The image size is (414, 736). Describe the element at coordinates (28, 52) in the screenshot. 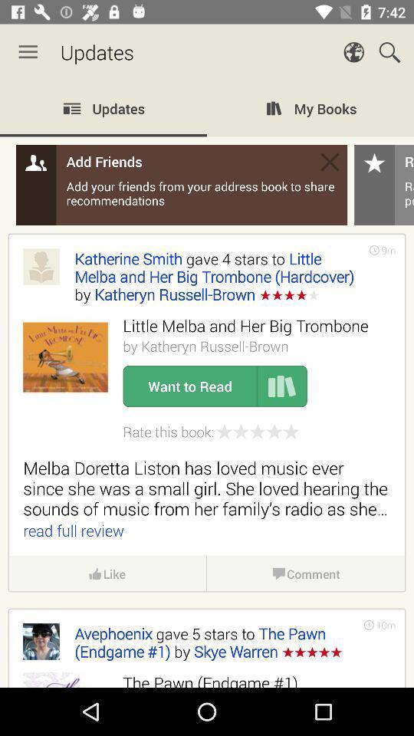

I see `the app to the left of the updates app` at that location.